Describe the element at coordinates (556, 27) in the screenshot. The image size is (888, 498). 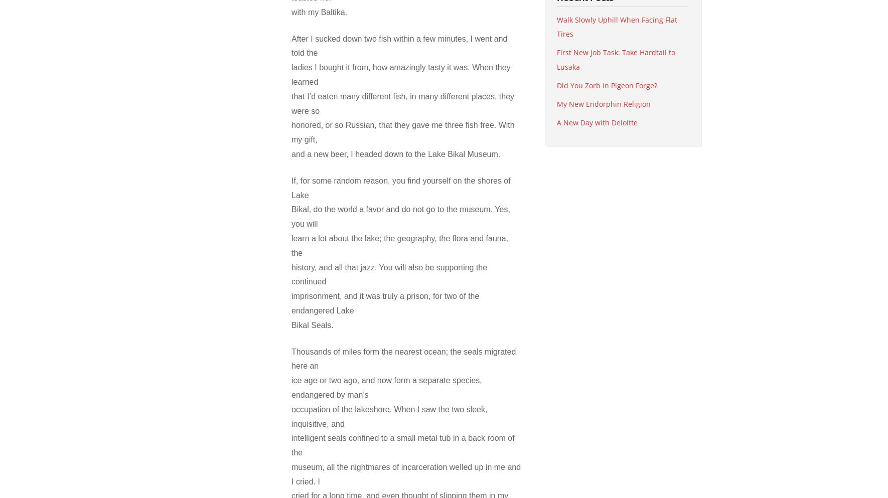
I see `'Walk Slowly Uphill When Facing Flat Tires'` at that location.